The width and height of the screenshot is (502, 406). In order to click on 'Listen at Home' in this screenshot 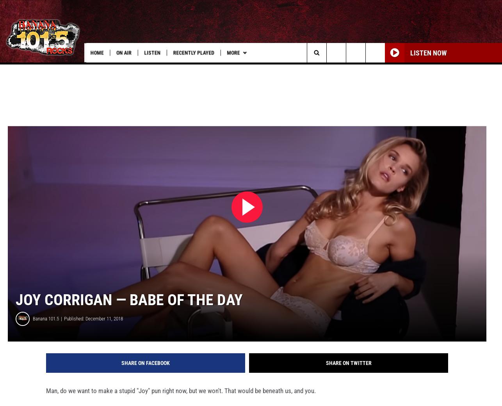, I will do `click(201, 69)`.